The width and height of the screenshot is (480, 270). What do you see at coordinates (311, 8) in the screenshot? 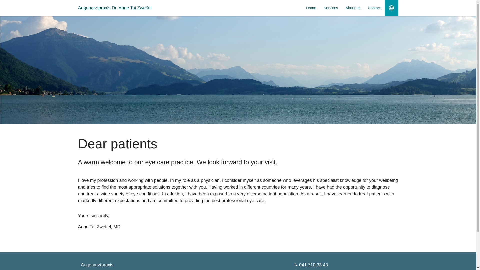
I see `'Home'` at bounding box center [311, 8].